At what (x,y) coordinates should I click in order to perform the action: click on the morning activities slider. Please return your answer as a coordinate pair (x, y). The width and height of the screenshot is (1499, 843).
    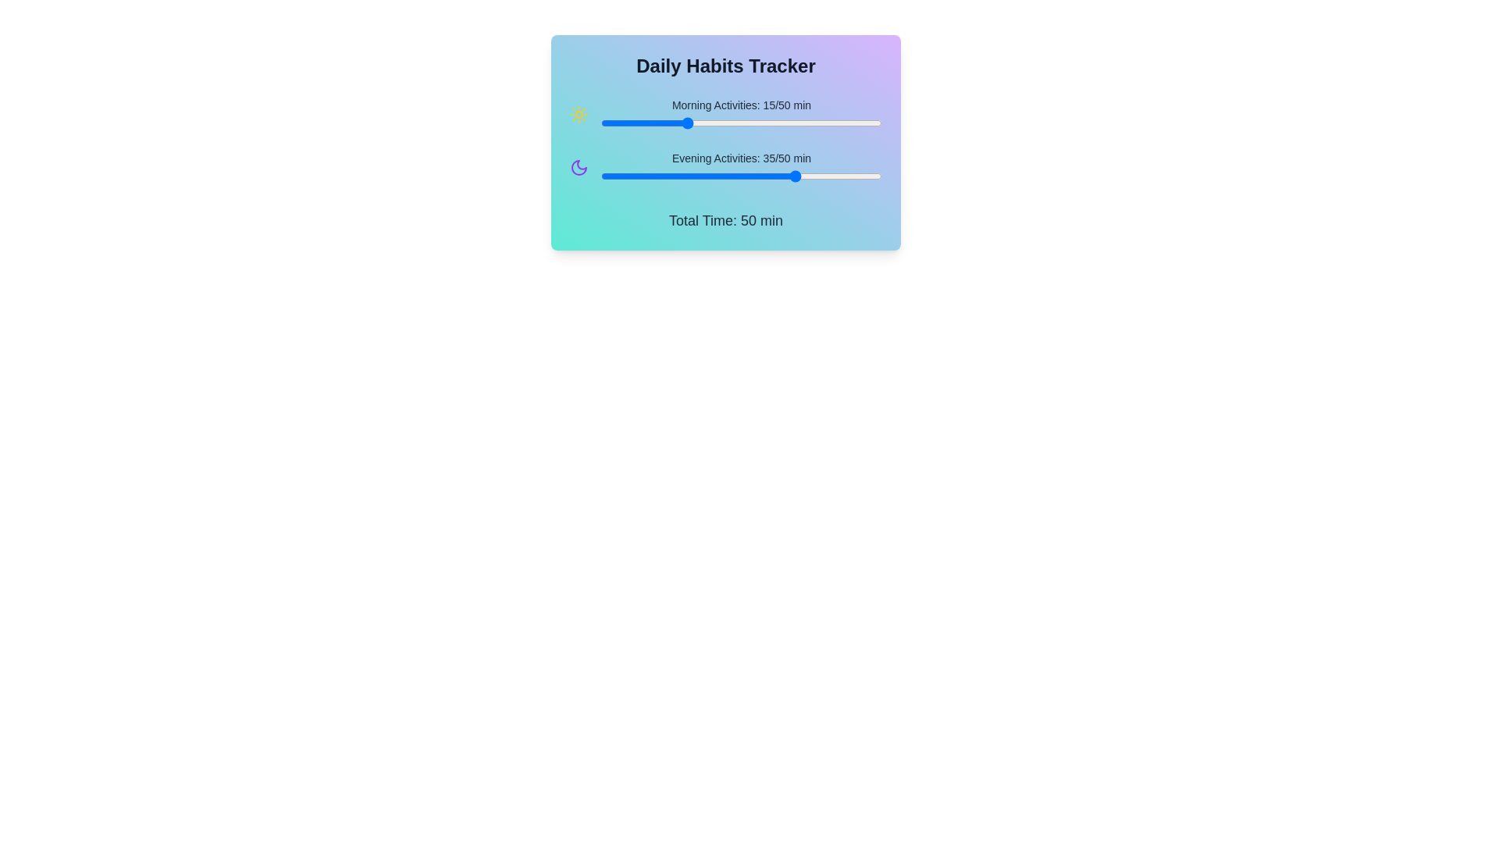
    Looking at the image, I should click on (786, 123).